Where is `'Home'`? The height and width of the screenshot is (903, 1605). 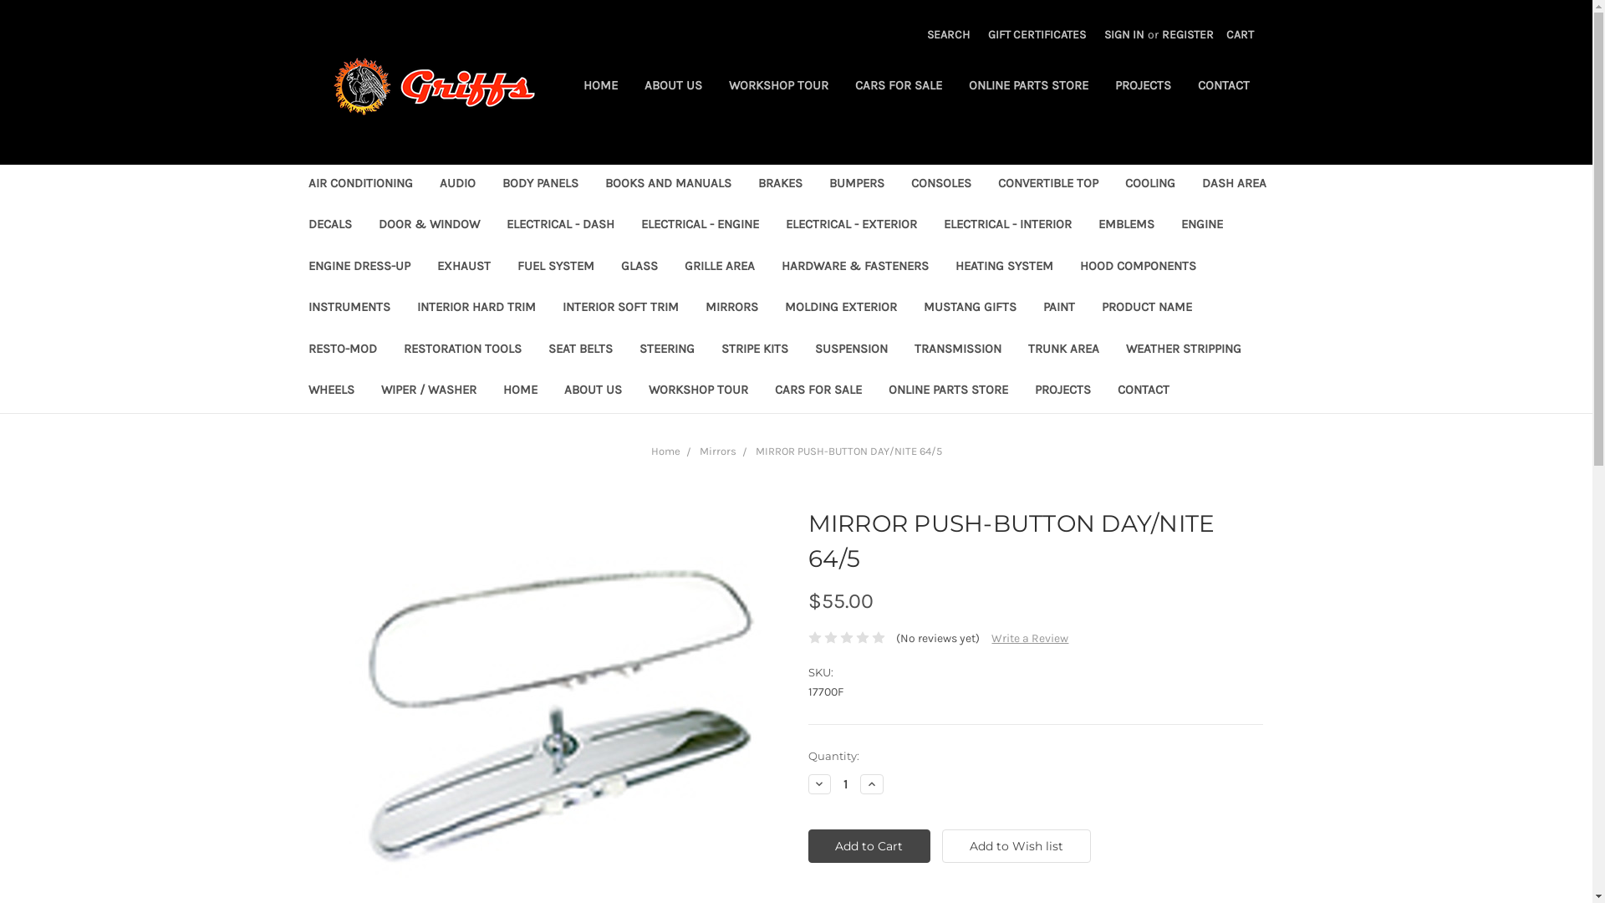
'Home' is located at coordinates (664, 450).